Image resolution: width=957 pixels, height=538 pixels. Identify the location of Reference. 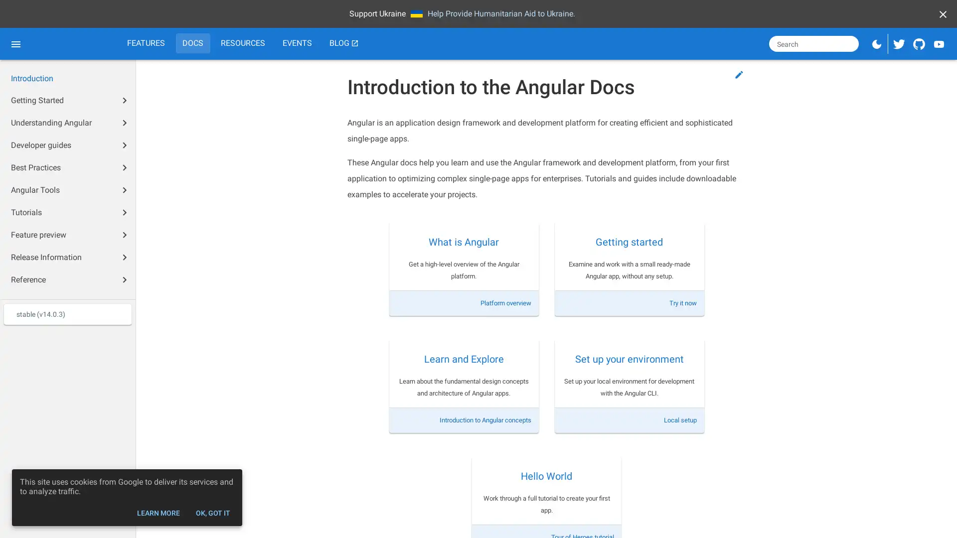
(67, 280).